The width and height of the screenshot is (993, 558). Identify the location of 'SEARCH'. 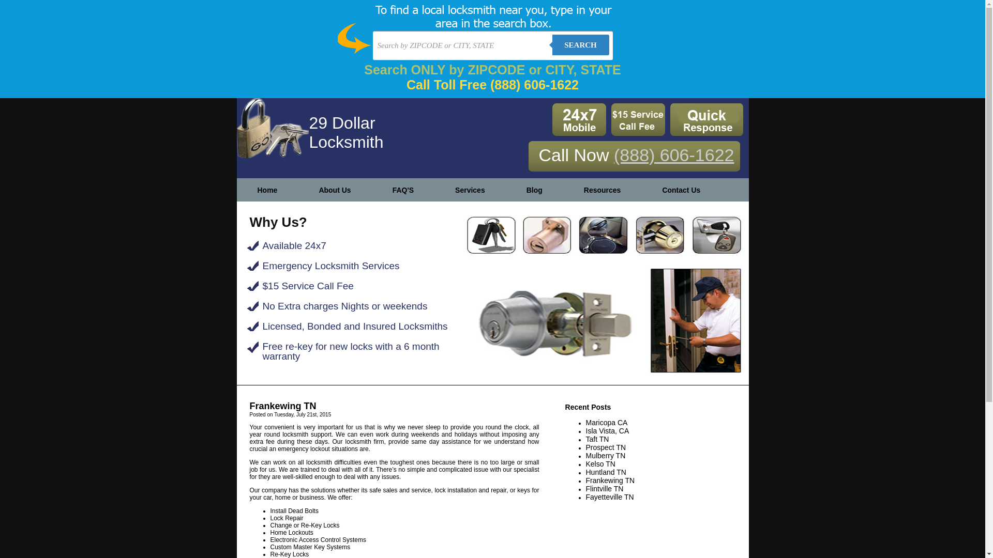
(581, 44).